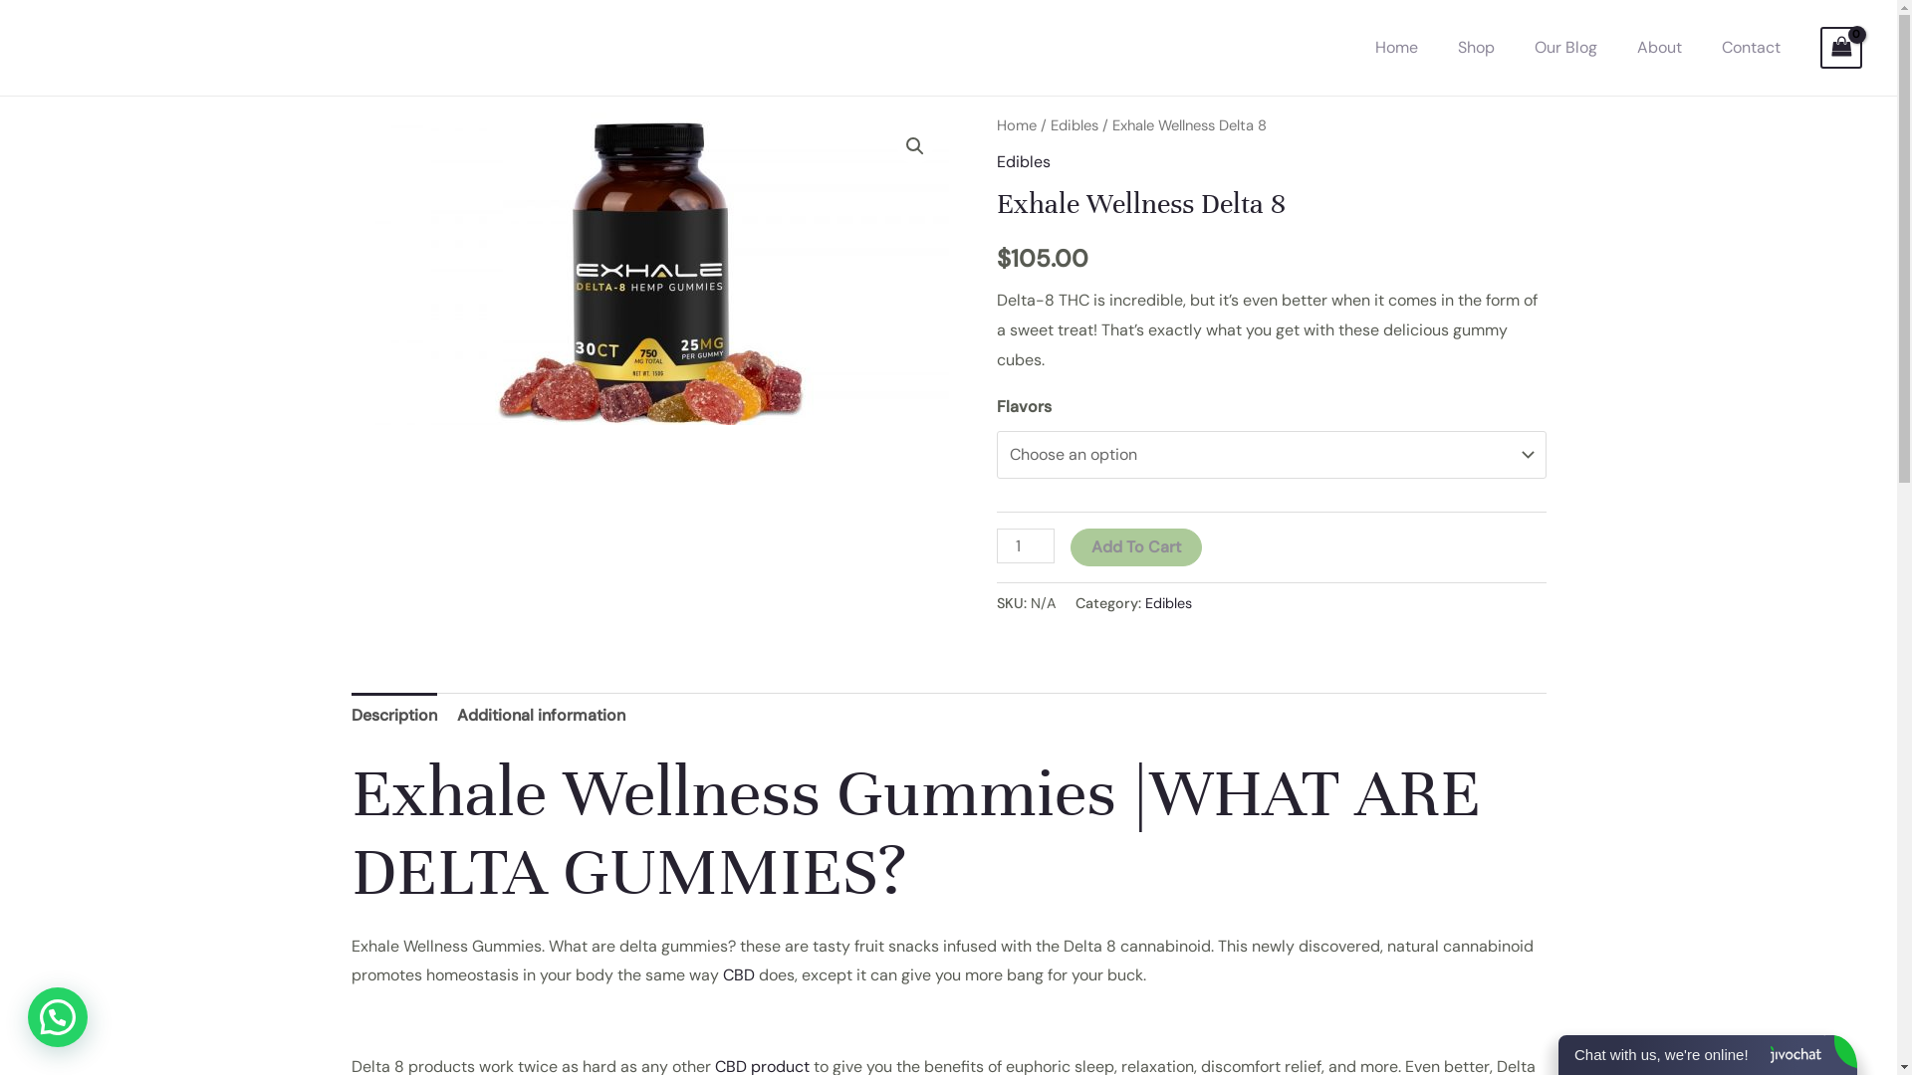  What do you see at coordinates (738, 973) in the screenshot?
I see `'CBD'` at bounding box center [738, 973].